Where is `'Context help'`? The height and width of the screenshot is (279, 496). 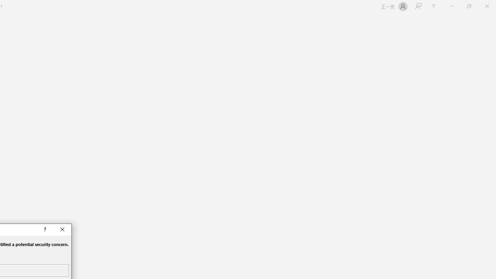
'Context help' is located at coordinates (44, 229).